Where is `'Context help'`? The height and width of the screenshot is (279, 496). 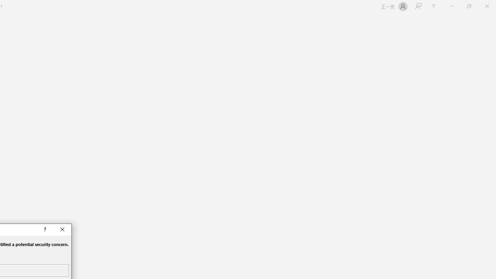
'Context help' is located at coordinates (44, 229).